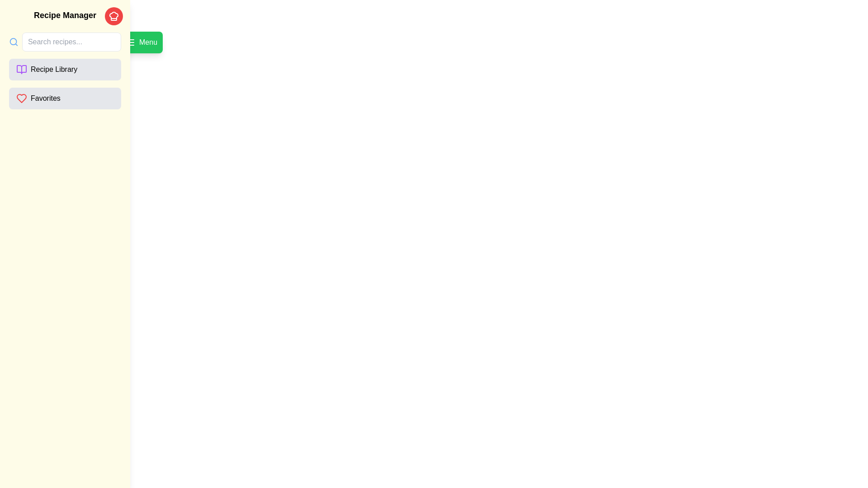 The width and height of the screenshot is (868, 488). What do you see at coordinates (113, 16) in the screenshot?
I see `the close button inside the drawer to close it` at bounding box center [113, 16].